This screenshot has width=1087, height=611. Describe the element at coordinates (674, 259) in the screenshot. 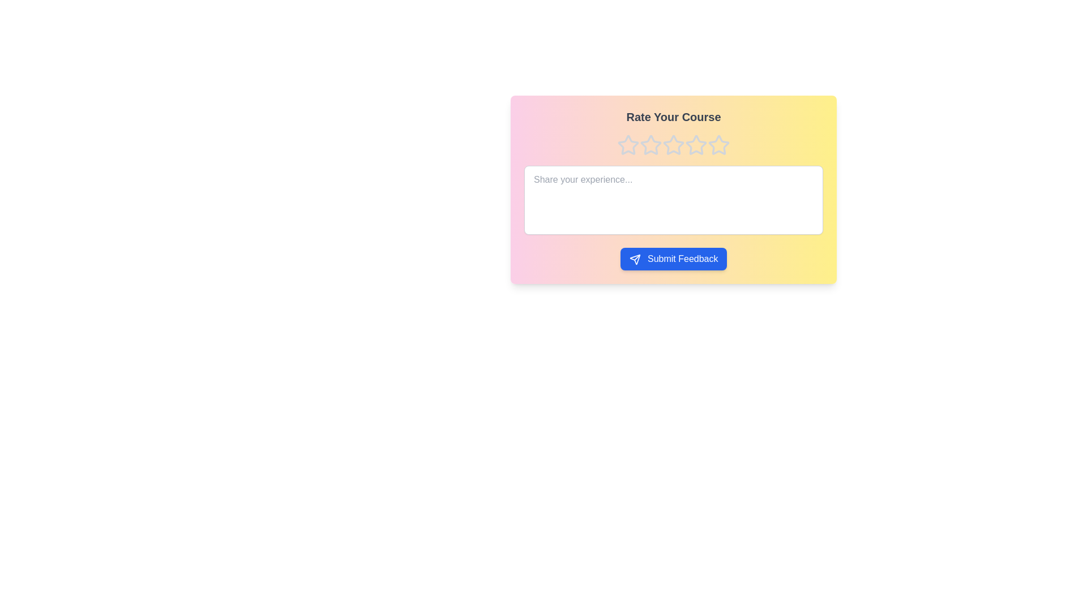

I see `the submit button located at the bottom center of the feedback form interface` at that location.